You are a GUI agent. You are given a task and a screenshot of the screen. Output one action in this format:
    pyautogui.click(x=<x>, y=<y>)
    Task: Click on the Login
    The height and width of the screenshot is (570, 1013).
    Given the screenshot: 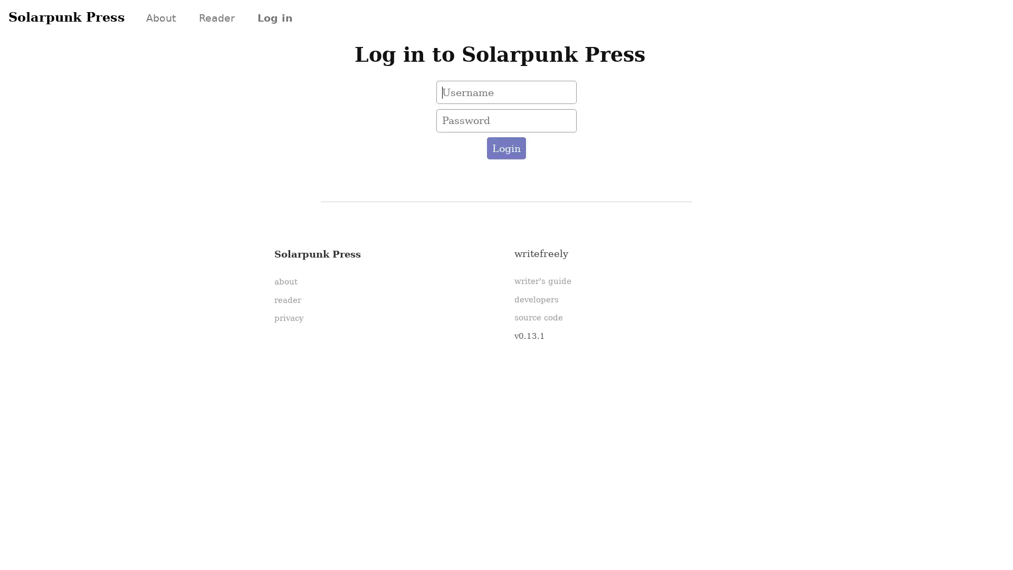 What is the action you would take?
    pyautogui.click(x=505, y=148)
    